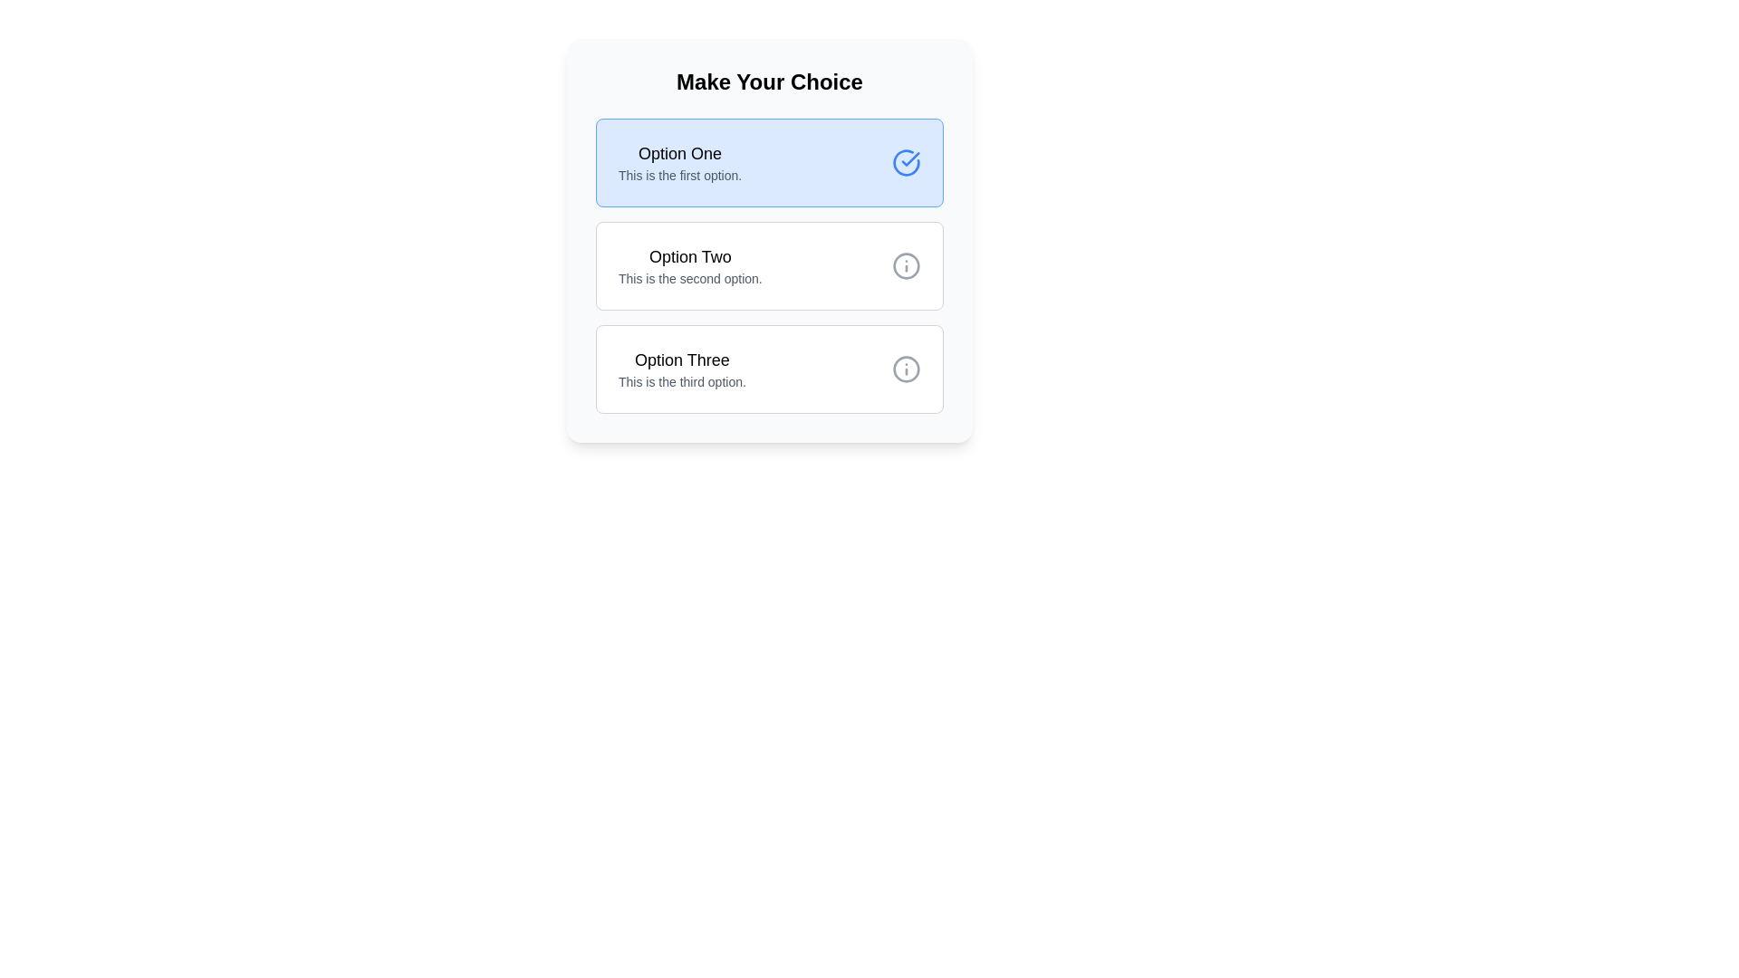  What do you see at coordinates (679, 163) in the screenshot?
I see `the text 'Option One' within the blue rounded rectangle of the first interactive card` at bounding box center [679, 163].